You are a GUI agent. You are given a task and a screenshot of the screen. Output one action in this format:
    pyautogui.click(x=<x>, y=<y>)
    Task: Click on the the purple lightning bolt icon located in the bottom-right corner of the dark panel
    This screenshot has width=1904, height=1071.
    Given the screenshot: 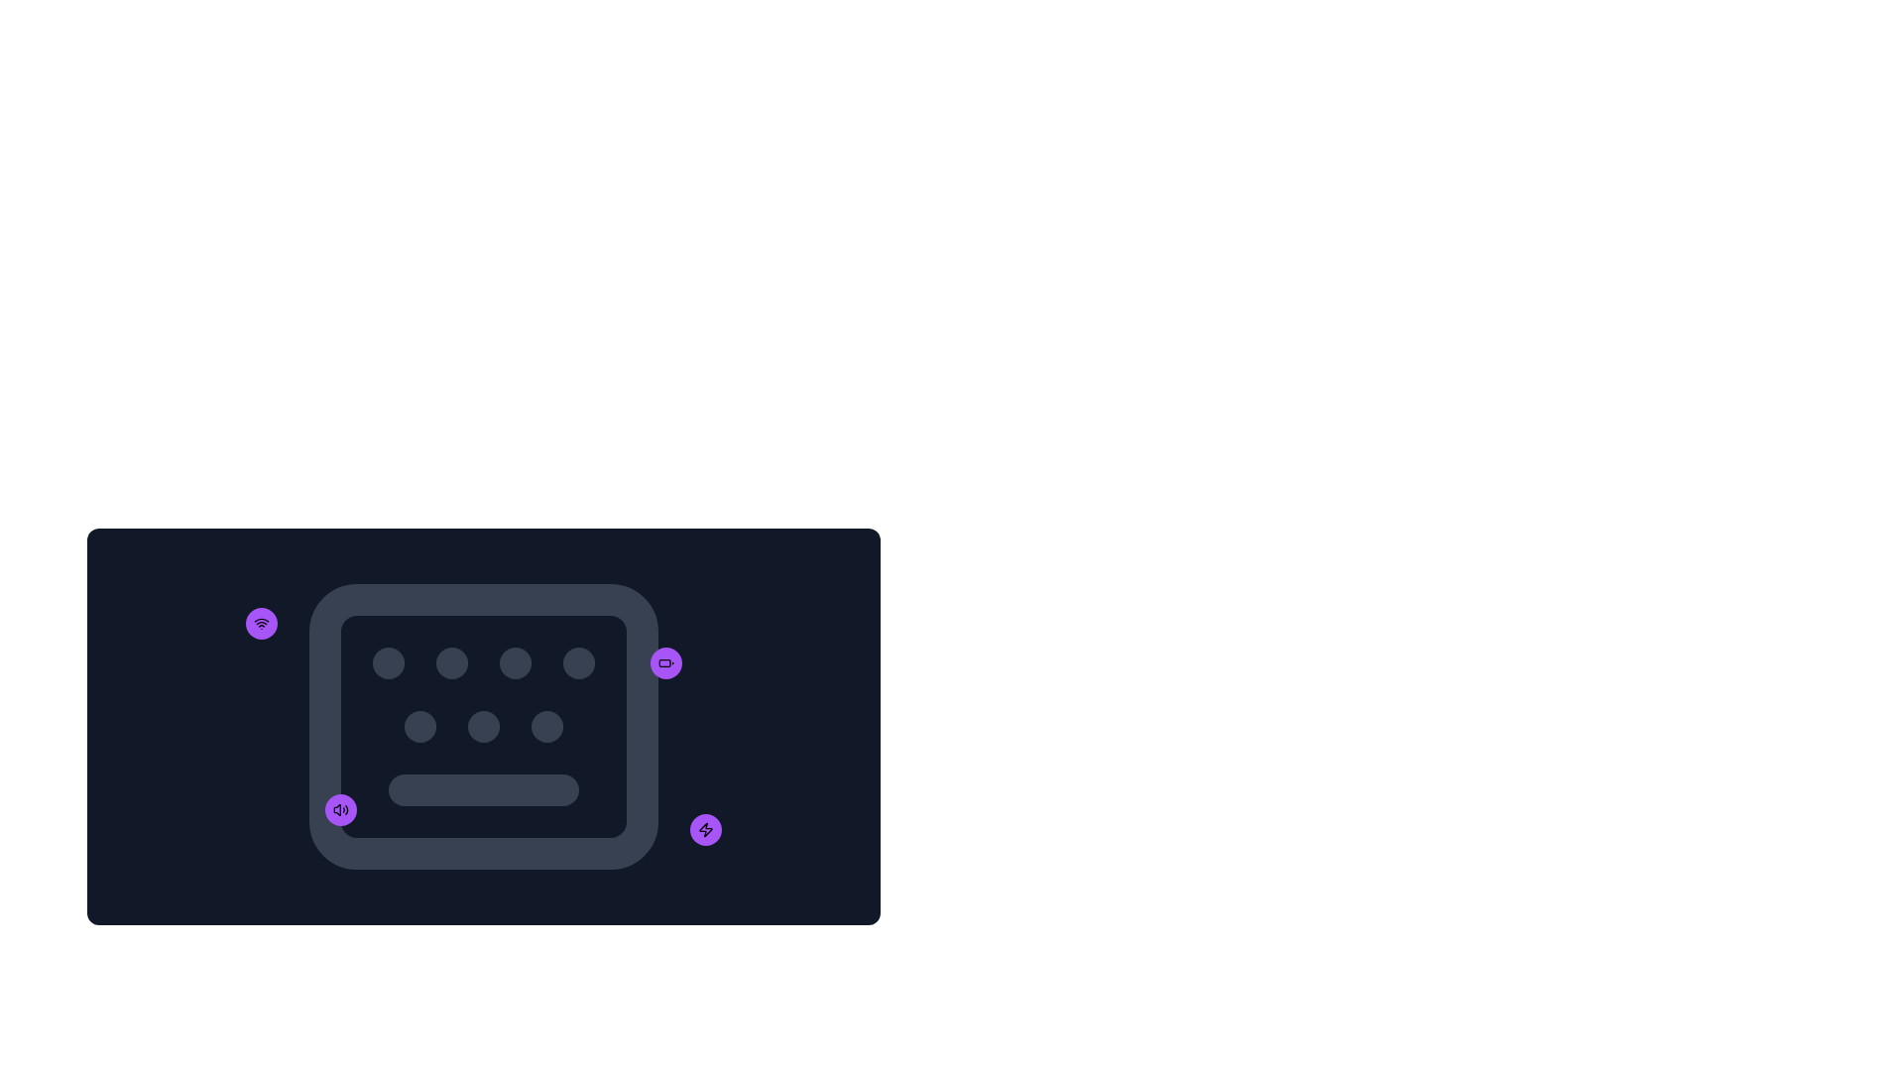 What is the action you would take?
    pyautogui.click(x=705, y=830)
    